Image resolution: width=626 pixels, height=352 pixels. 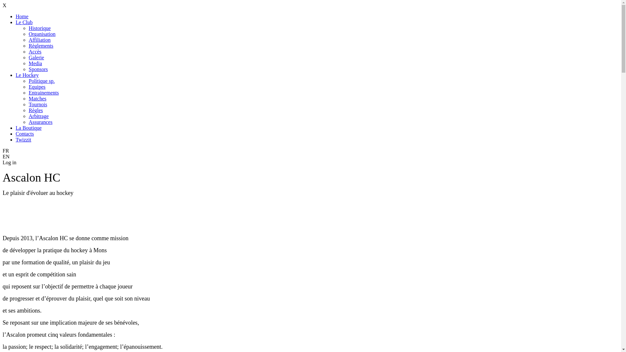 What do you see at coordinates (22, 16) in the screenshot?
I see `'Home'` at bounding box center [22, 16].